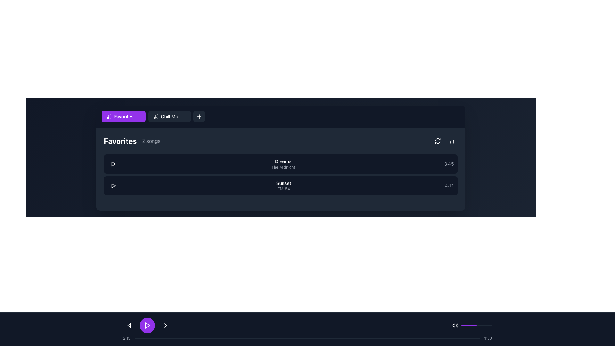 This screenshot has height=346, width=615. Describe the element at coordinates (113, 185) in the screenshot. I see `the play button associated with the music track labeled 'Sunset - FM-84' to play the track` at that location.